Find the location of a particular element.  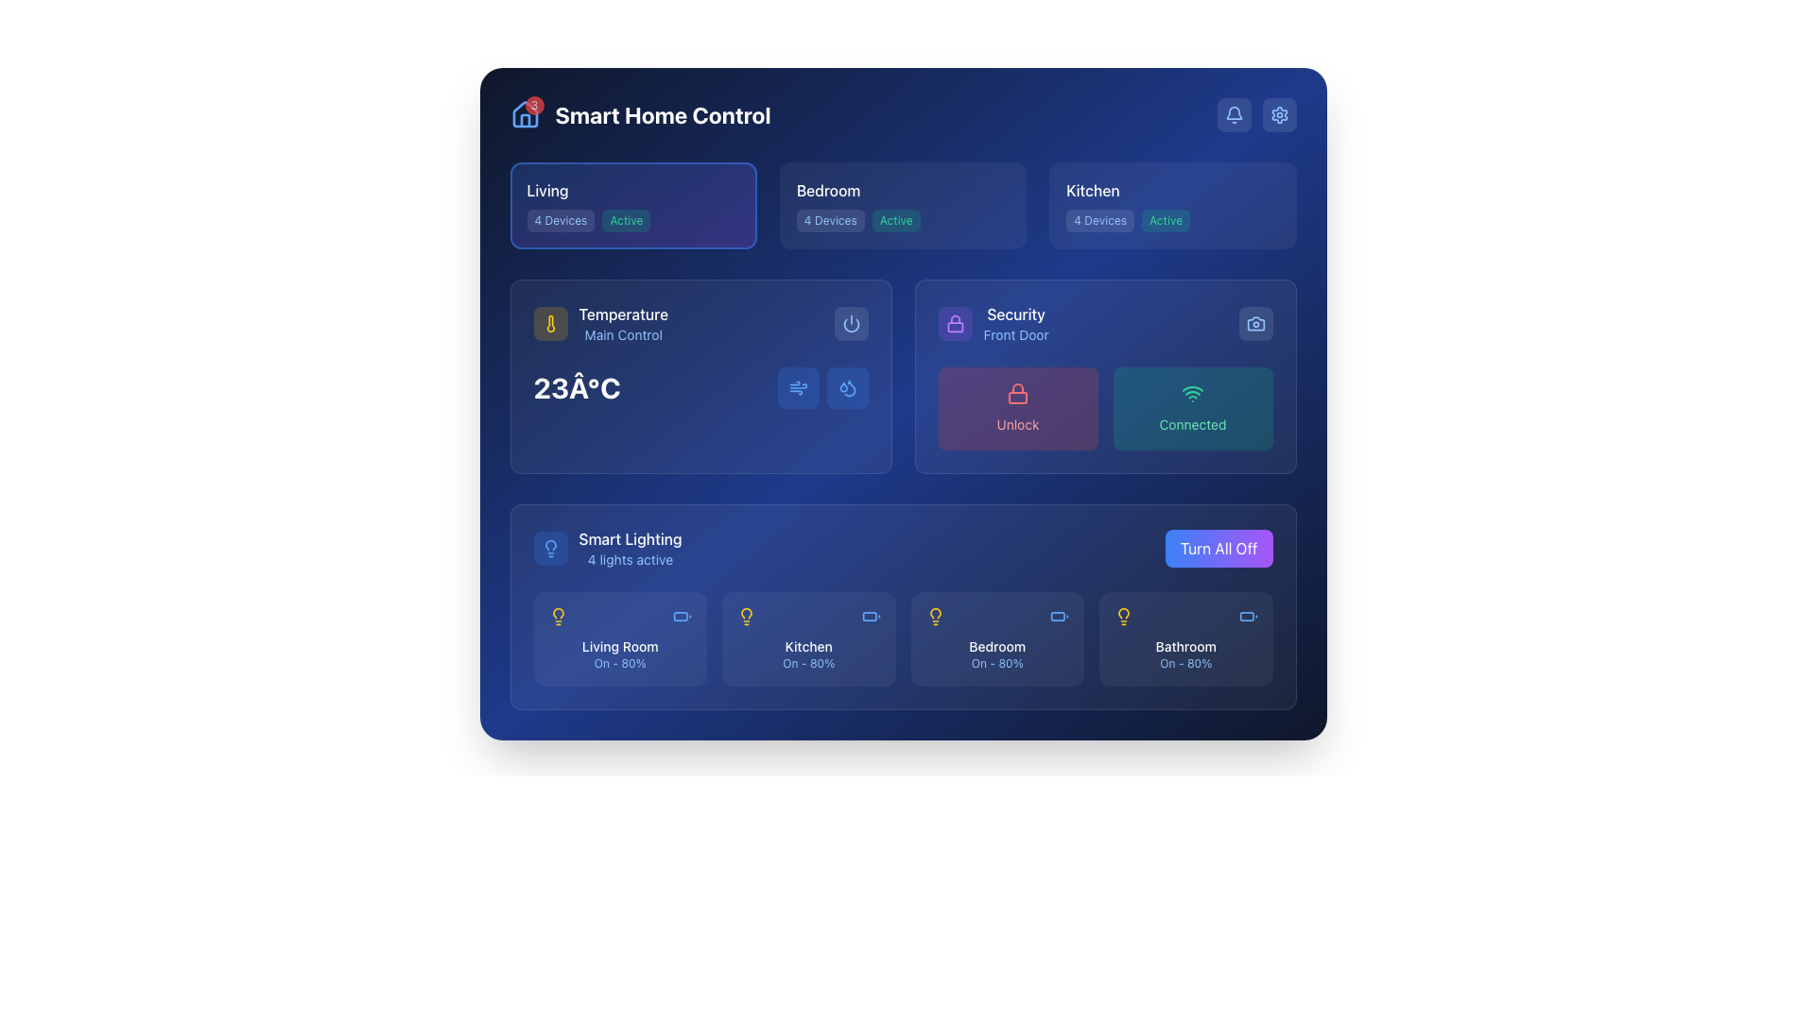

the camera icon located at the top-right of the security card module in the second row, which is used is located at coordinates (1255, 323).